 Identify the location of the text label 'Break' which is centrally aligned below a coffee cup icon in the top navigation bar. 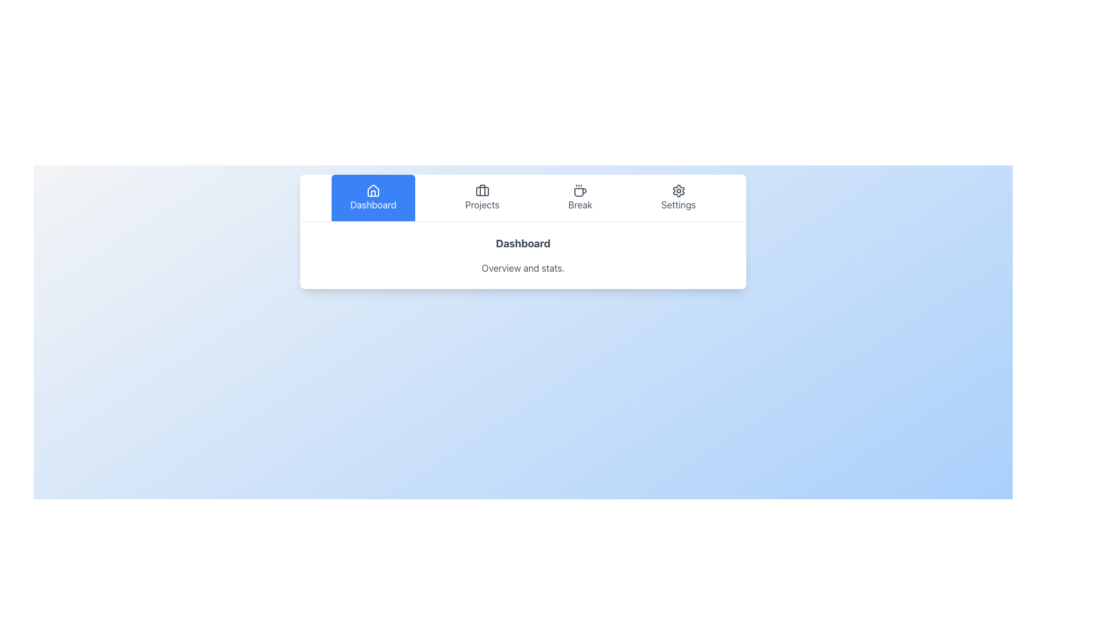
(580, 204).